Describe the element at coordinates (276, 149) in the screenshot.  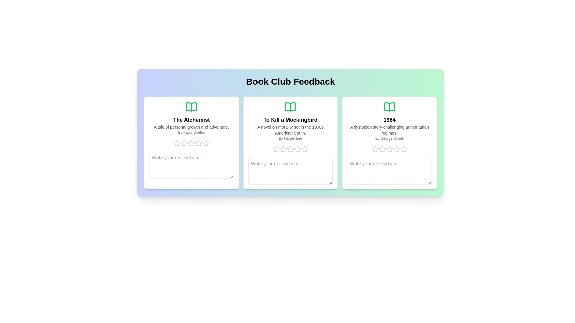
I see `the first star icon in the rating component of the middle book review card to provide a rating` at that location.